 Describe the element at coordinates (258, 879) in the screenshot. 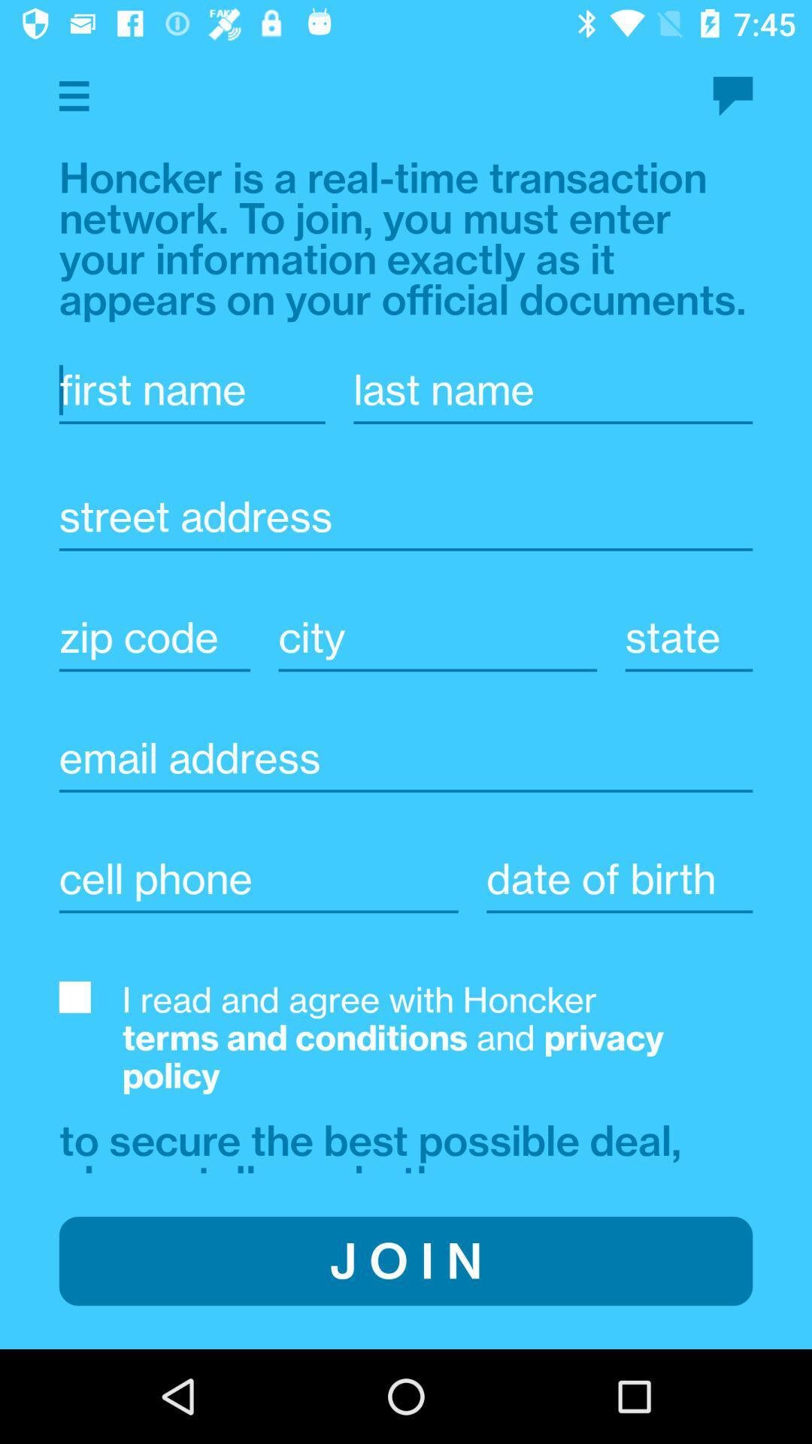

I see `cell phone` at that location.